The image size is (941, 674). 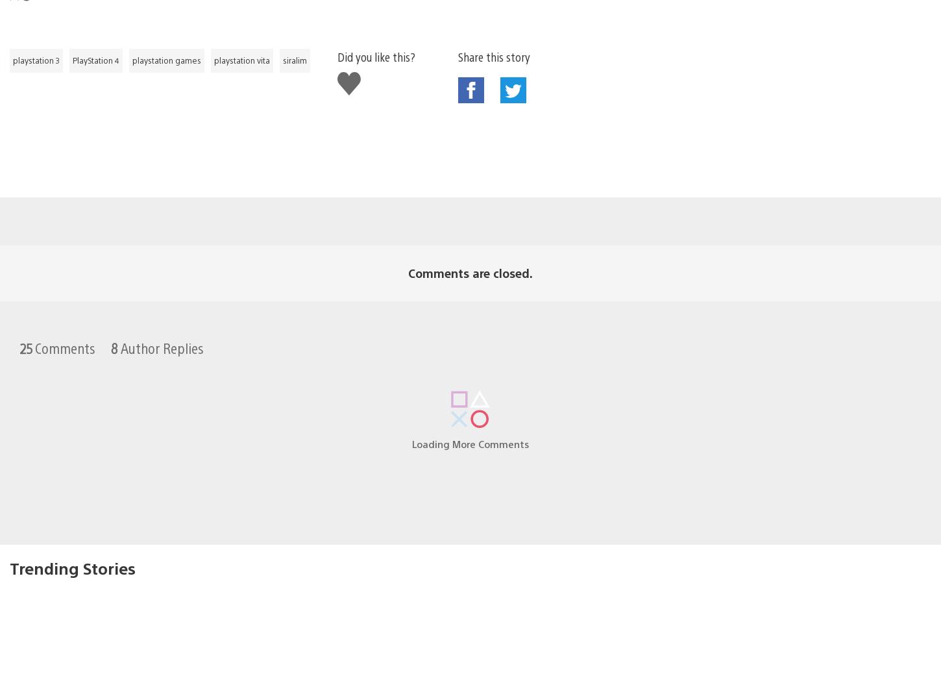 What do you see at coordinates (64, 326) in the screenshot?
I see `'Comments'` at bounding box center [64, 326].